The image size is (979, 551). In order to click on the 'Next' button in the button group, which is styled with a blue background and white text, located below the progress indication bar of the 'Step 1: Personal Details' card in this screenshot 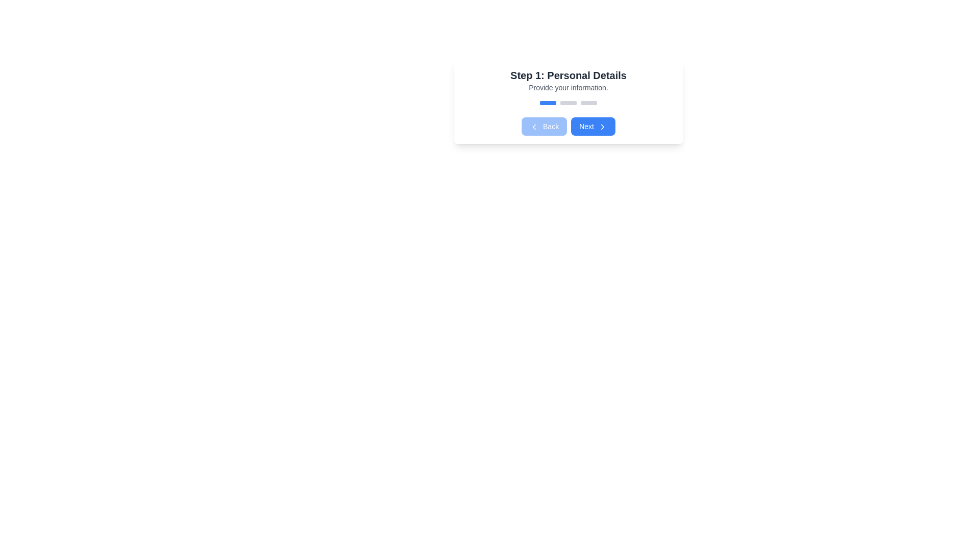, I will do `click(568, 126)`.